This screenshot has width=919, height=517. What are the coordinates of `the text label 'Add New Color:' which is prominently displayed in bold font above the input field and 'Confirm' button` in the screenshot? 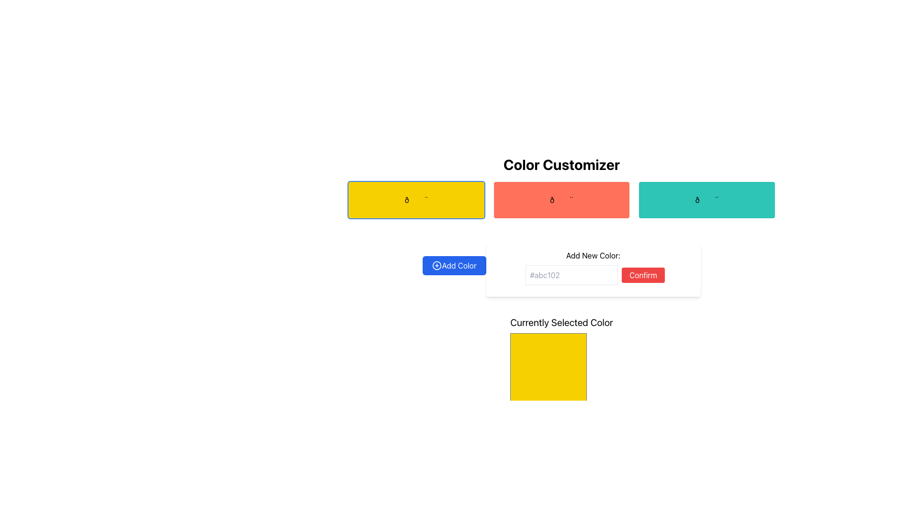 It's located at (593, 255).